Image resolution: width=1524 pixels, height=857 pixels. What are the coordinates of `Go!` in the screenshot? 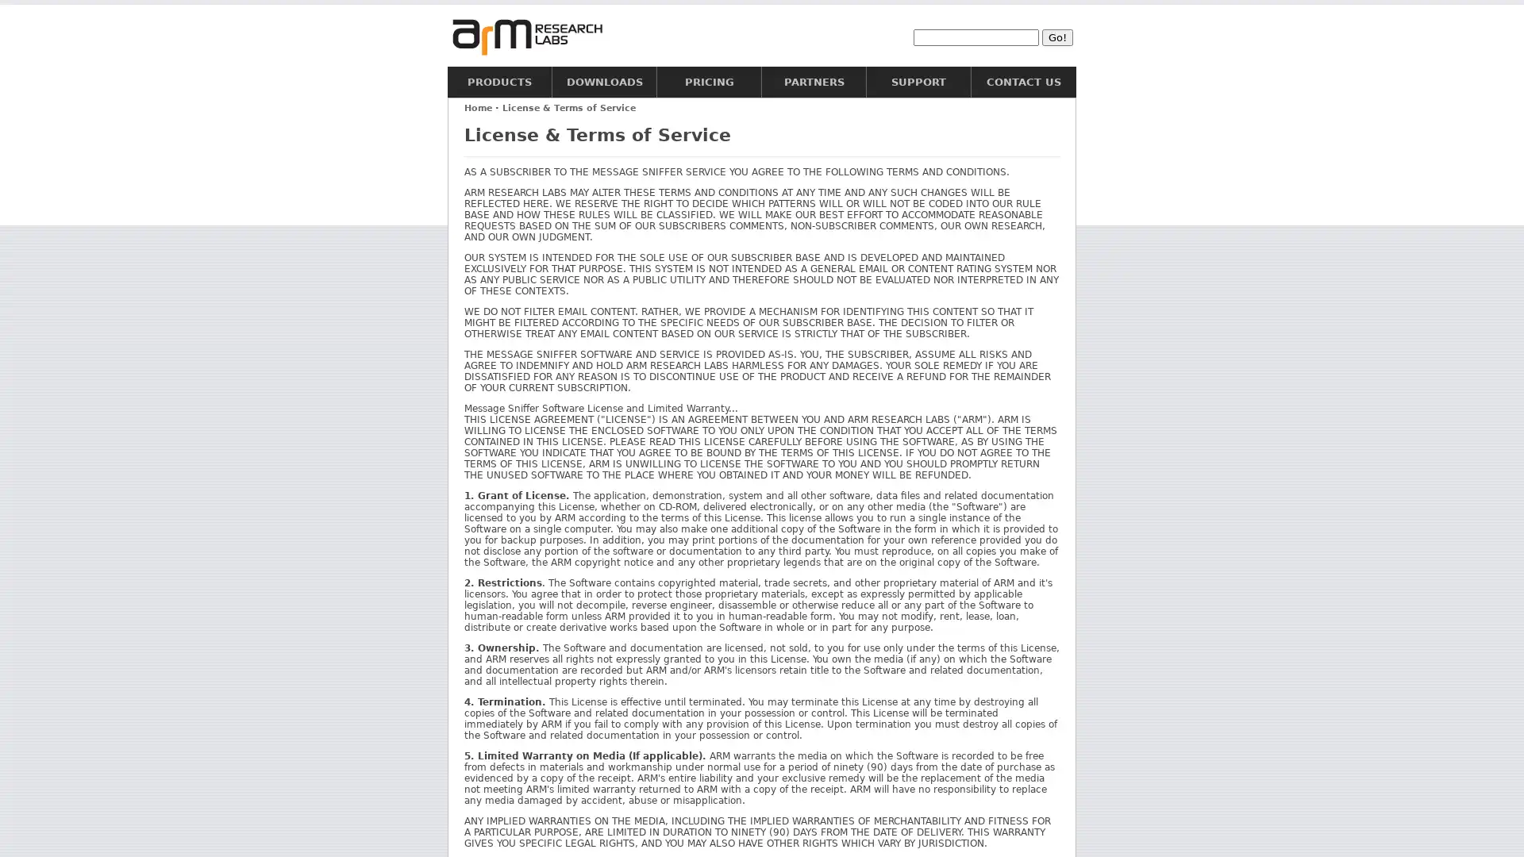 It's located at (1057, 36).